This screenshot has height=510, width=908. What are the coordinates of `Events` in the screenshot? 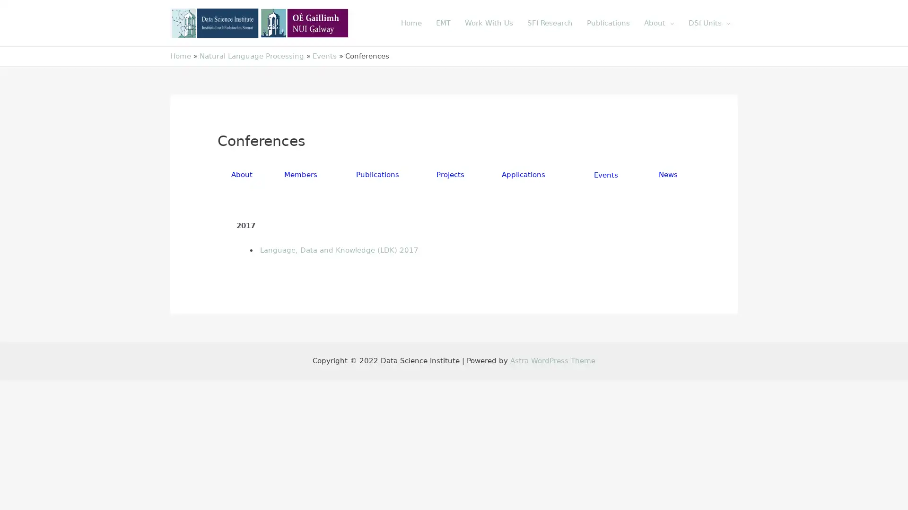 It's located at (606, 175).